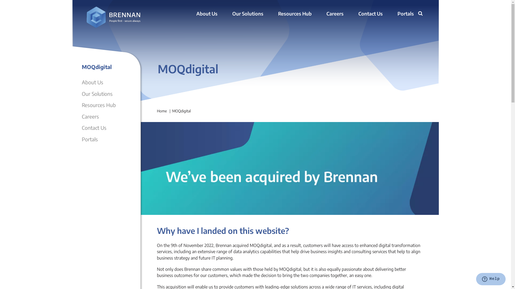  Describe the element at coordinates (418, 14) in the screenshot. I see `'Search'` at that location.